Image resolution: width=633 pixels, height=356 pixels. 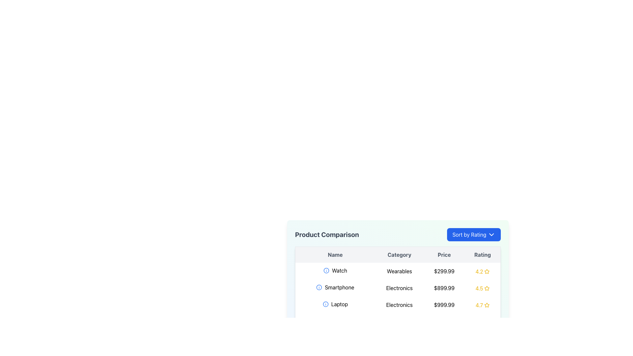 I want to click on the star-shaped icon indicating a rating of '4.2' for the 'Watch' product in the 'Rating' column of the table under 'Product Comparison', so click(x=487, y=271).